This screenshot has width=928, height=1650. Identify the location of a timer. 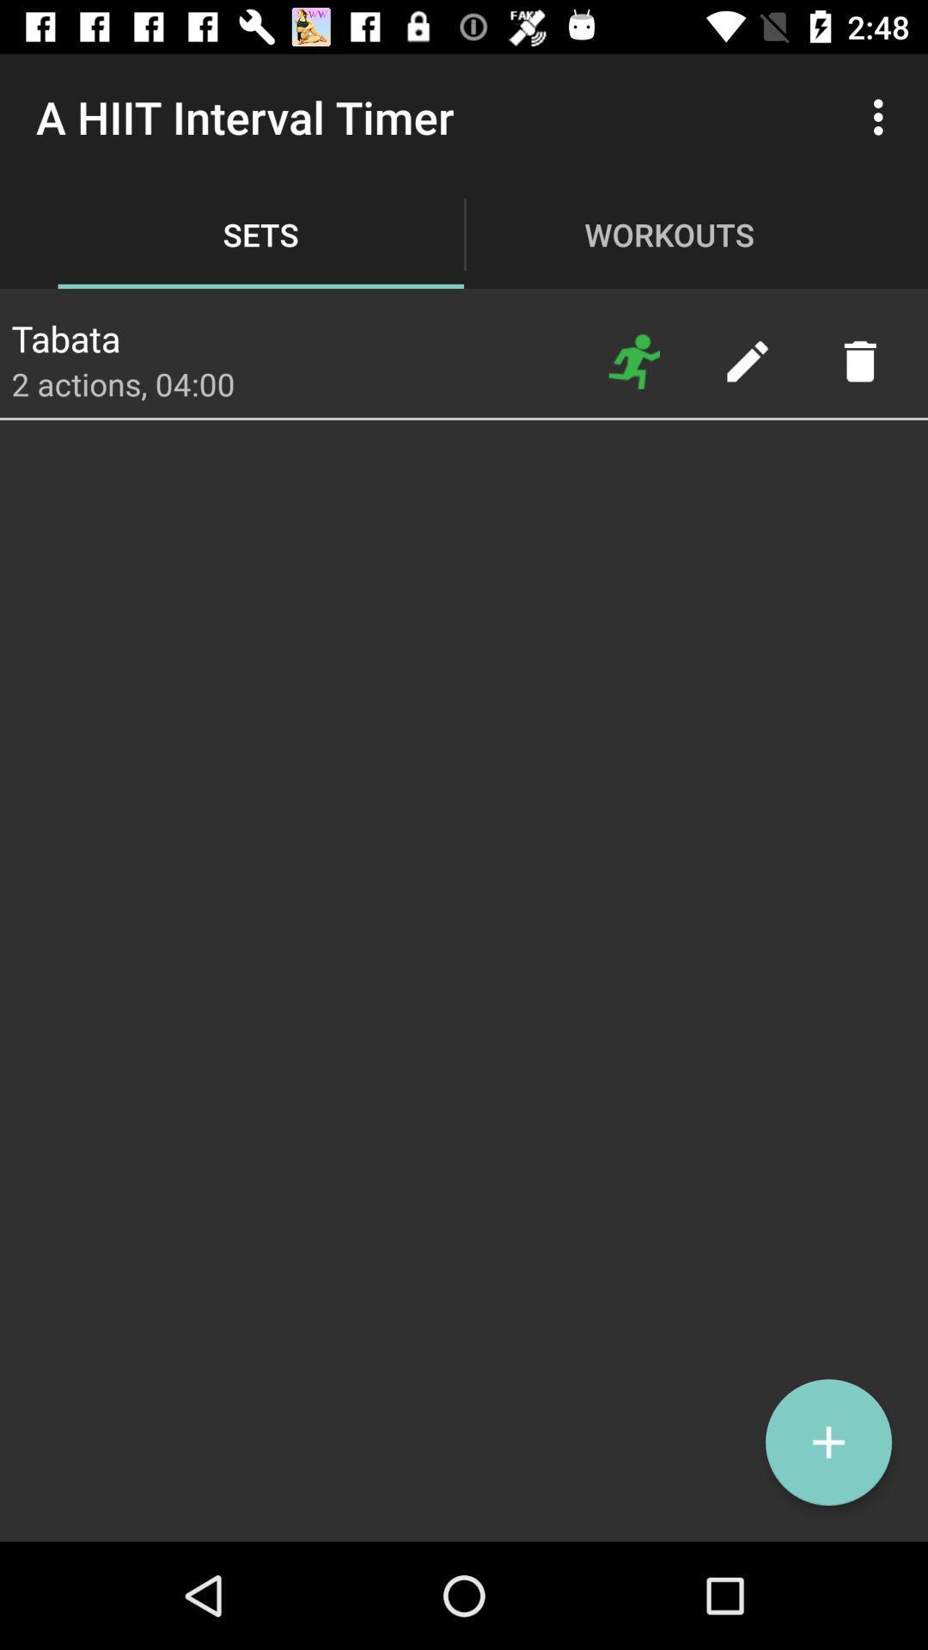
(827, 1442).